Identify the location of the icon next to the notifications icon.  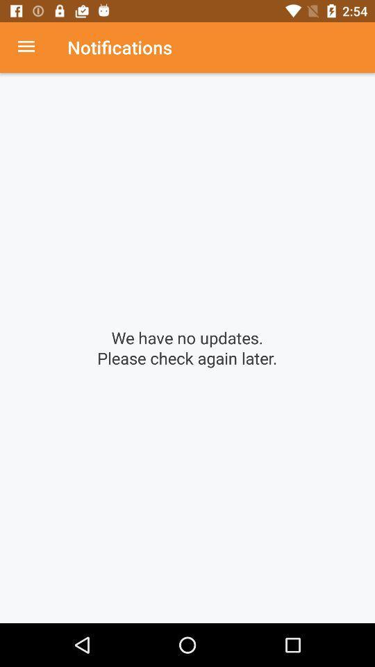
(33, 47).